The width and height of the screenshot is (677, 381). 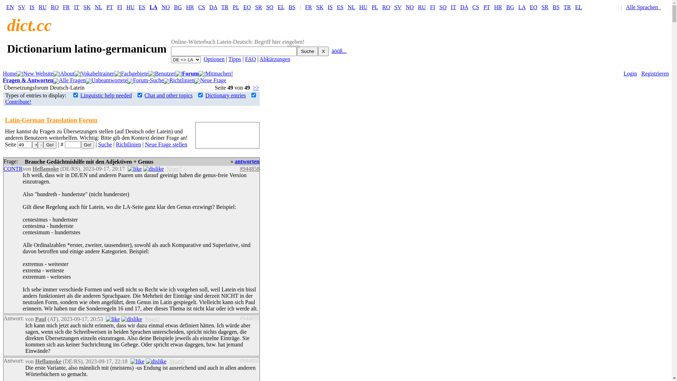 I want to click on 'Benutzer', so click(x=164, y=73).